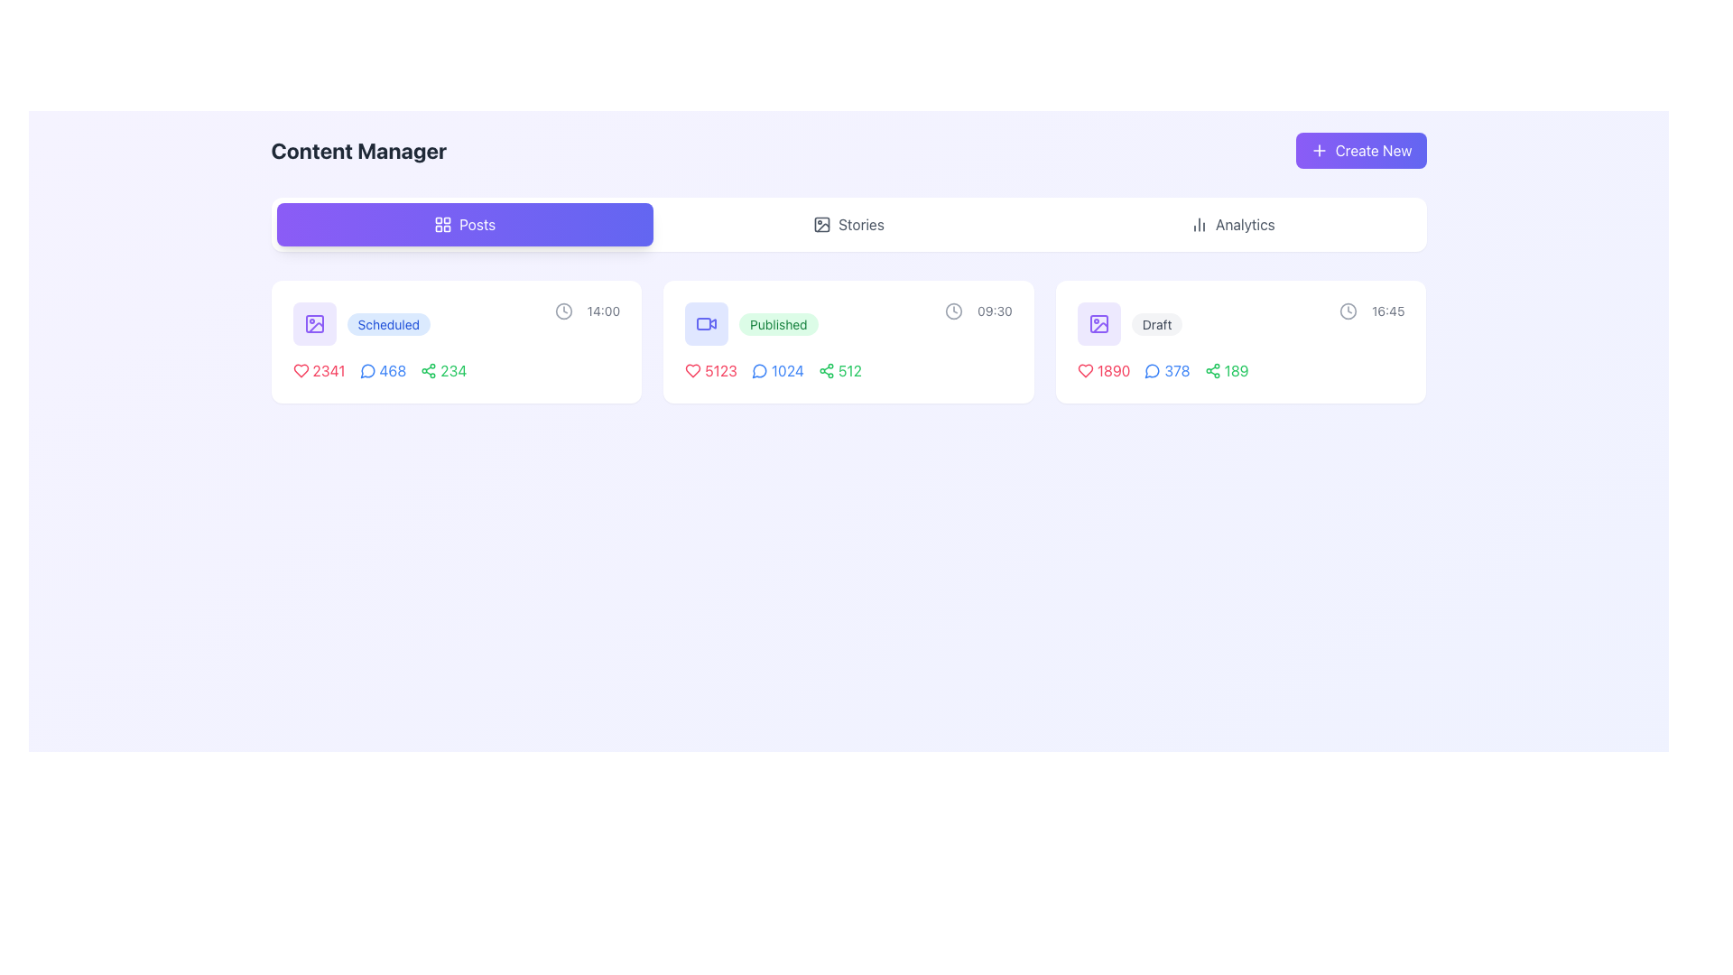 The height and width of the screenshot is (975, 1733). Describe the element at coordinates (387, 322) in the screenshot. I see `the 'Scheduled' status label, which is a pill-shaped text label styled in blue with a light blue background, located to the right of an image icon within a card` at that location.